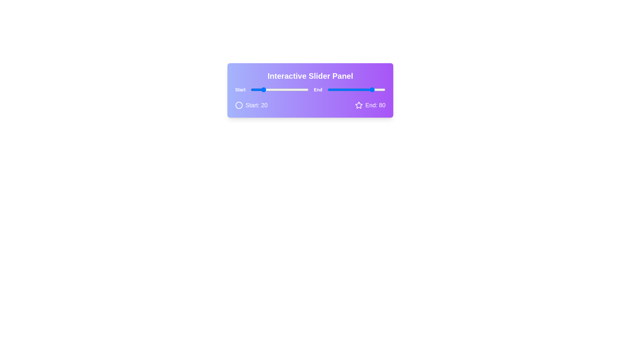  Describe the element at coordinates (239, 105) in the screenshot. I see `the circular icon outlined in a bold stroke, located next to the text 'Start: 20' in the slider interface` at that location.